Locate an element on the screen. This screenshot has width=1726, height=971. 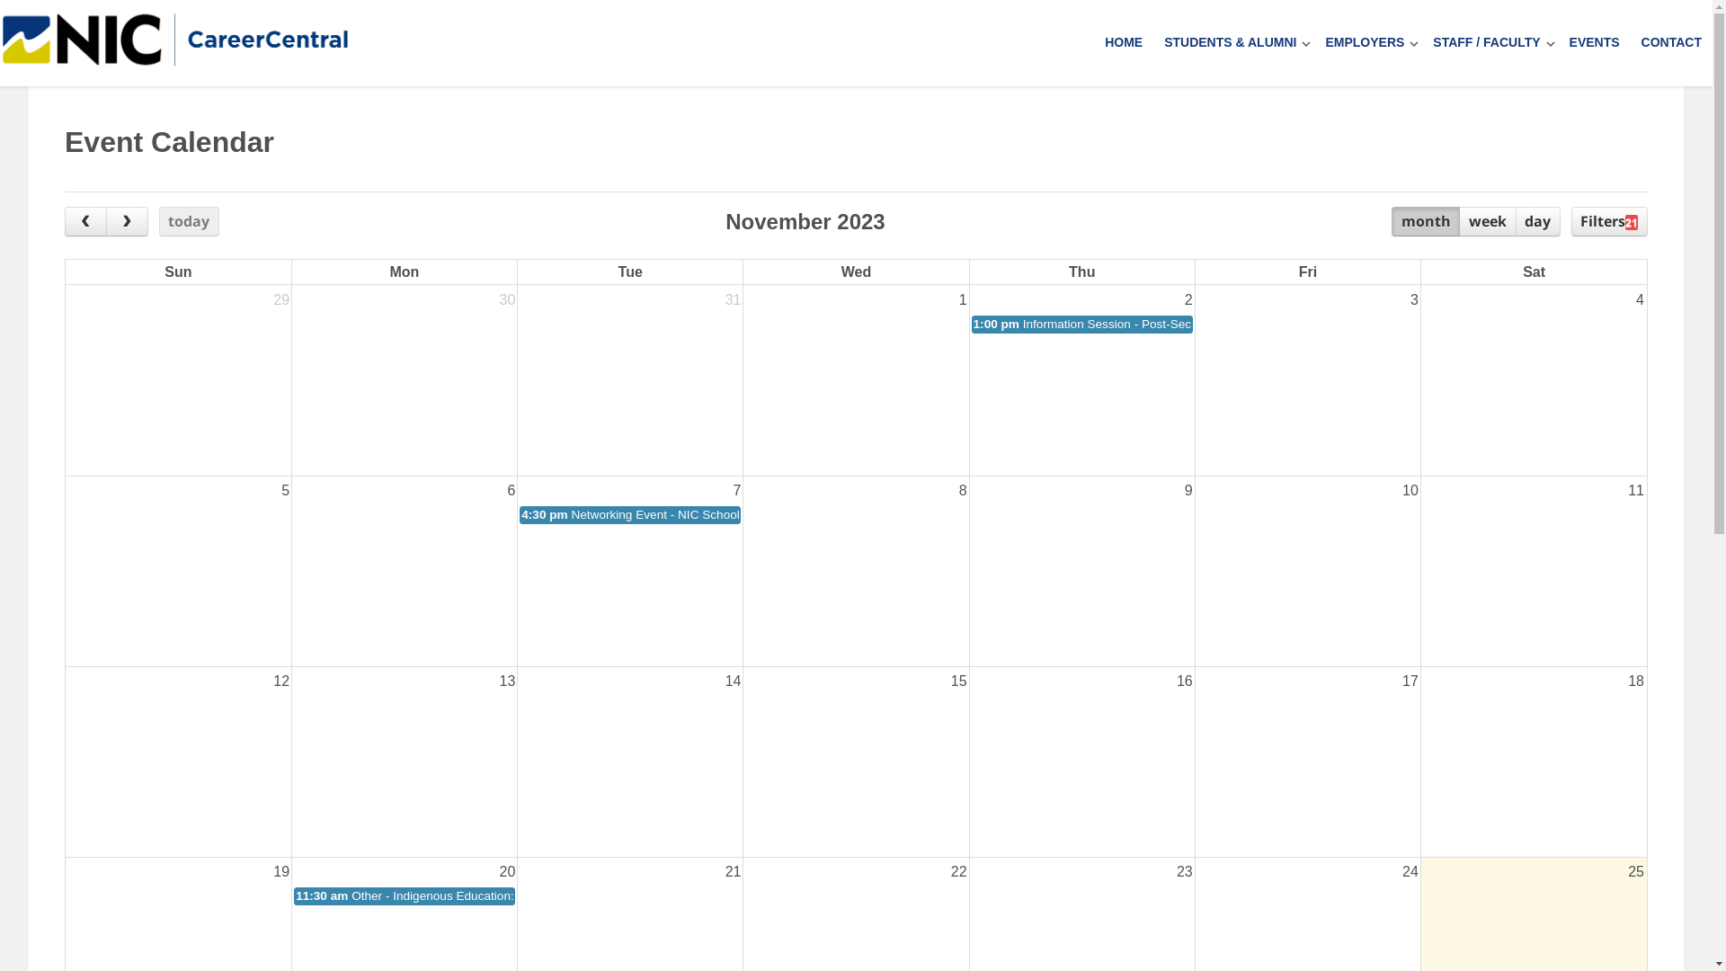
'STAFF / FACULTY' is located at coordinates (1421, 41).